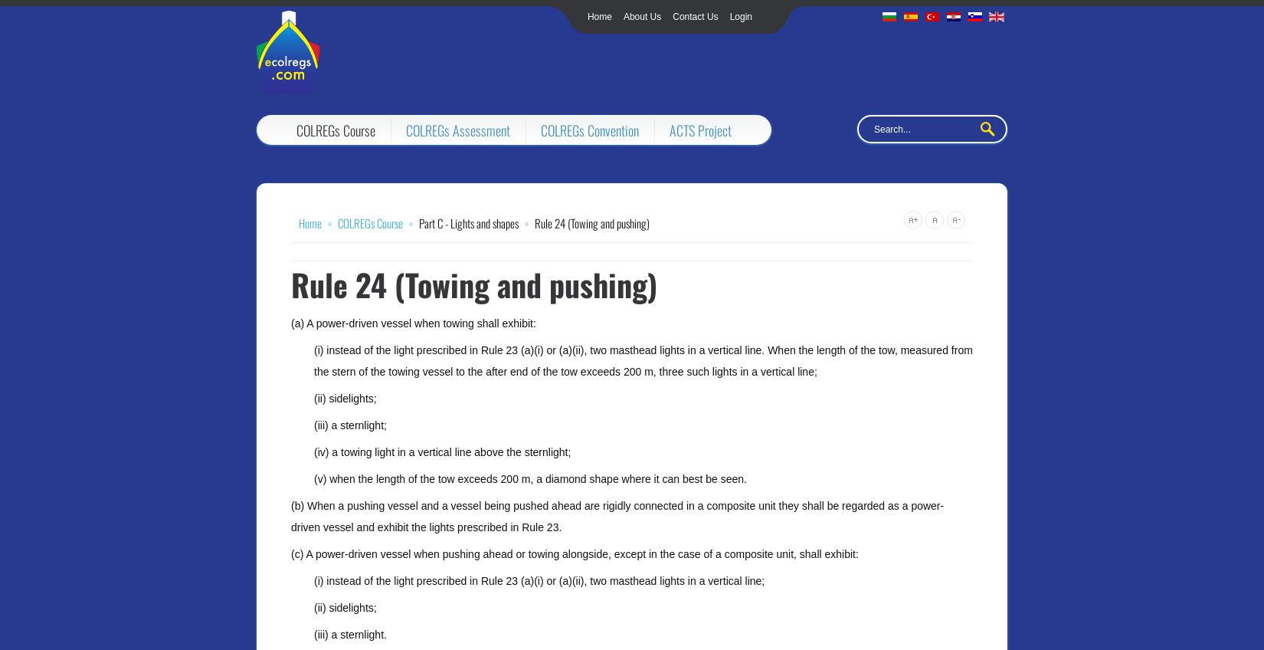 The image size is (1264, 650). What do you see at coordinates (473, 284) in the screenshot?
I see `'Rule 24 (Towing and pushing)'` at bounding box center [473, 284].